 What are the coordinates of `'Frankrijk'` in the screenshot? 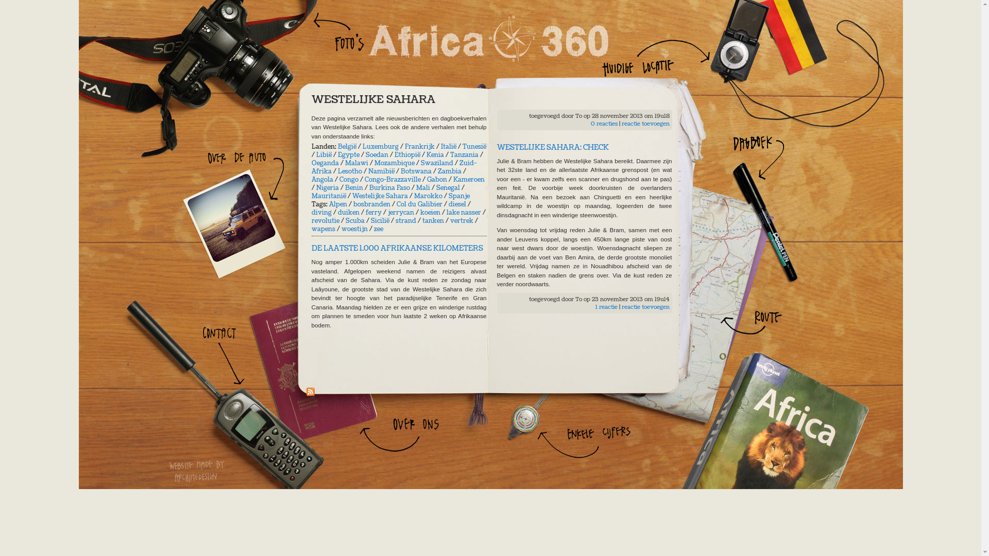 It's located at (420, 147).